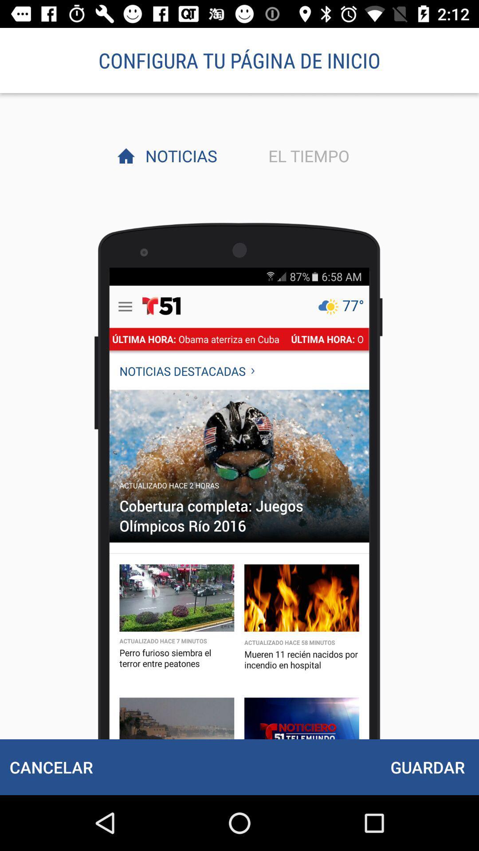 The image size is (479, 851). Describe the element at coordinates (179, 156) in the screenshot. I see `item to the left of el tiempo icon` at that location.